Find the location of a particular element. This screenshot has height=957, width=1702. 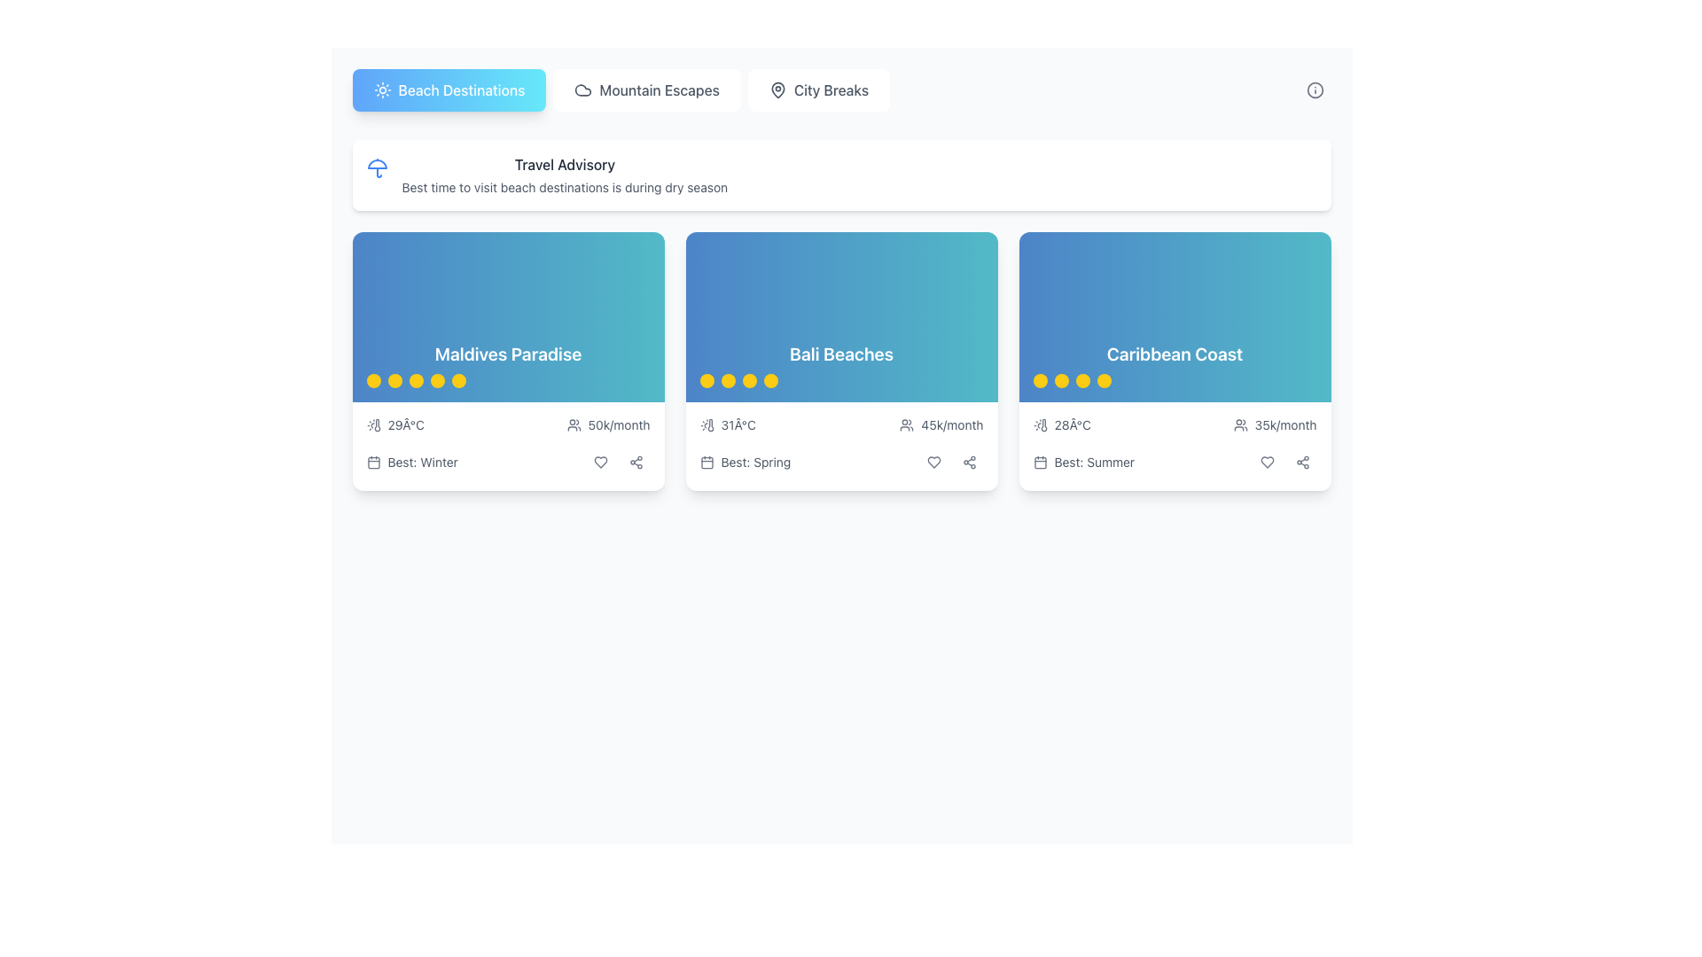

text label 'Best: Summer' located at the bottom of the 'Caribbean Coast' card, displayed in a gray-colored font is located at coordinates (1093, 461).